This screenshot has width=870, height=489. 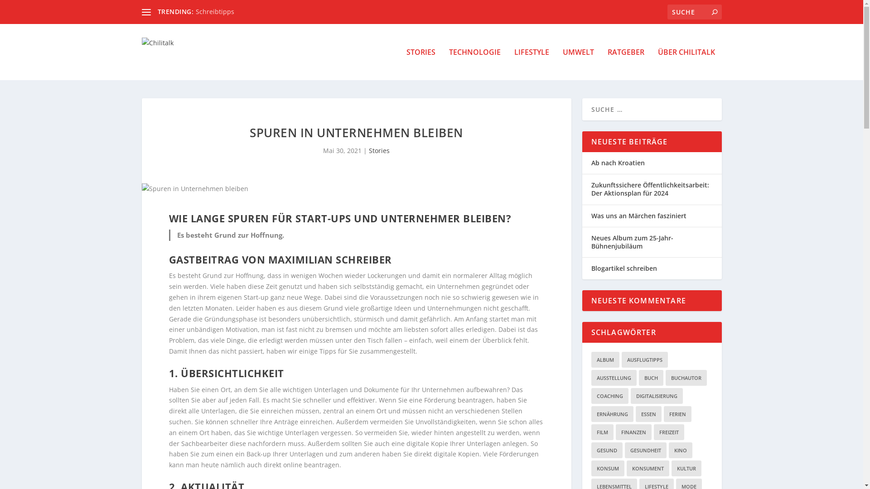 What do you see at coordinates (578, 64) in the screenshot?
I see `'UMWELT'` at bounding box center [578, 64].